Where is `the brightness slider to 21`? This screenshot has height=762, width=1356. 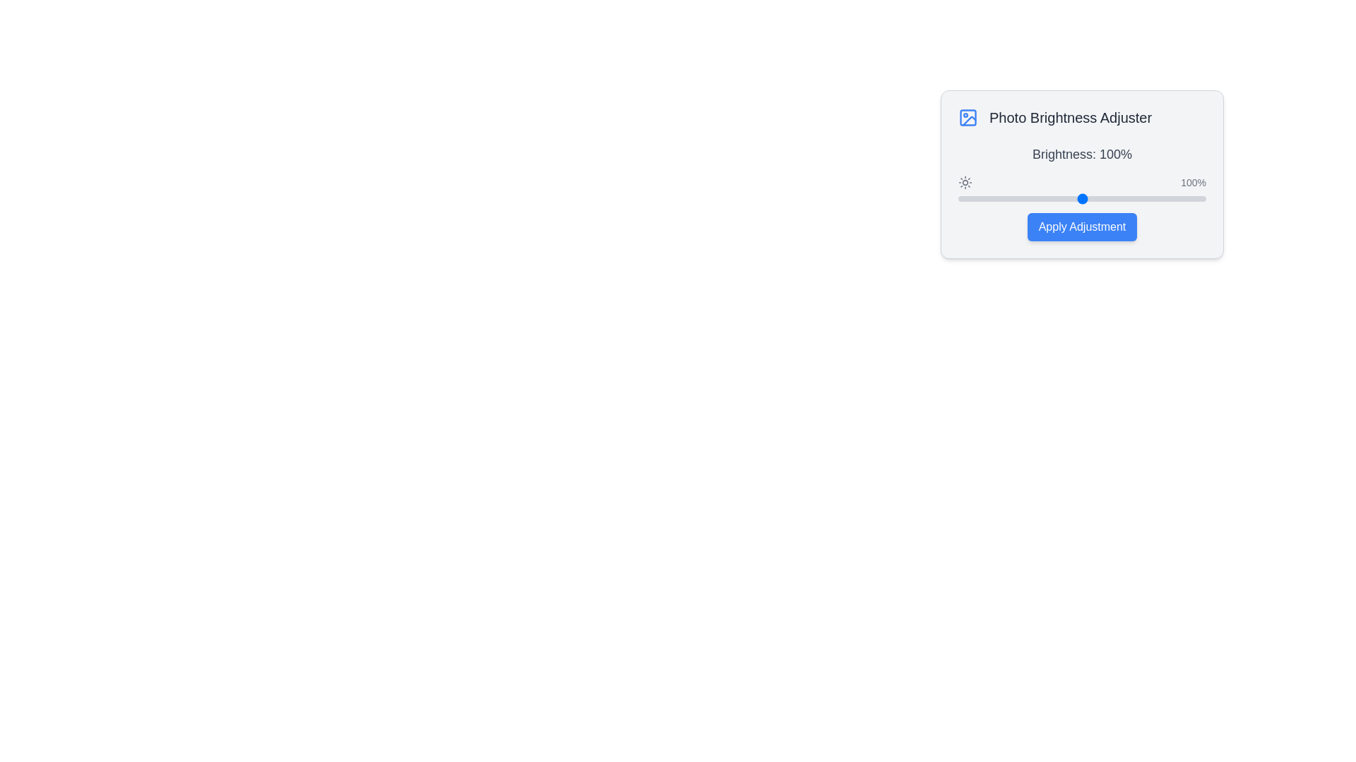 the brightness slider to 21 is located at coordinates (983, 198).